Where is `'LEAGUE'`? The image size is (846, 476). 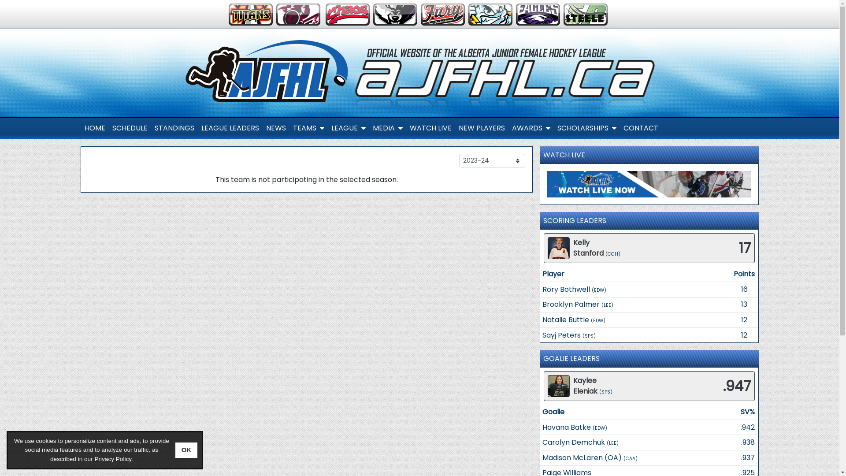 'LEAGUE' is located at coordinates (348, 128).